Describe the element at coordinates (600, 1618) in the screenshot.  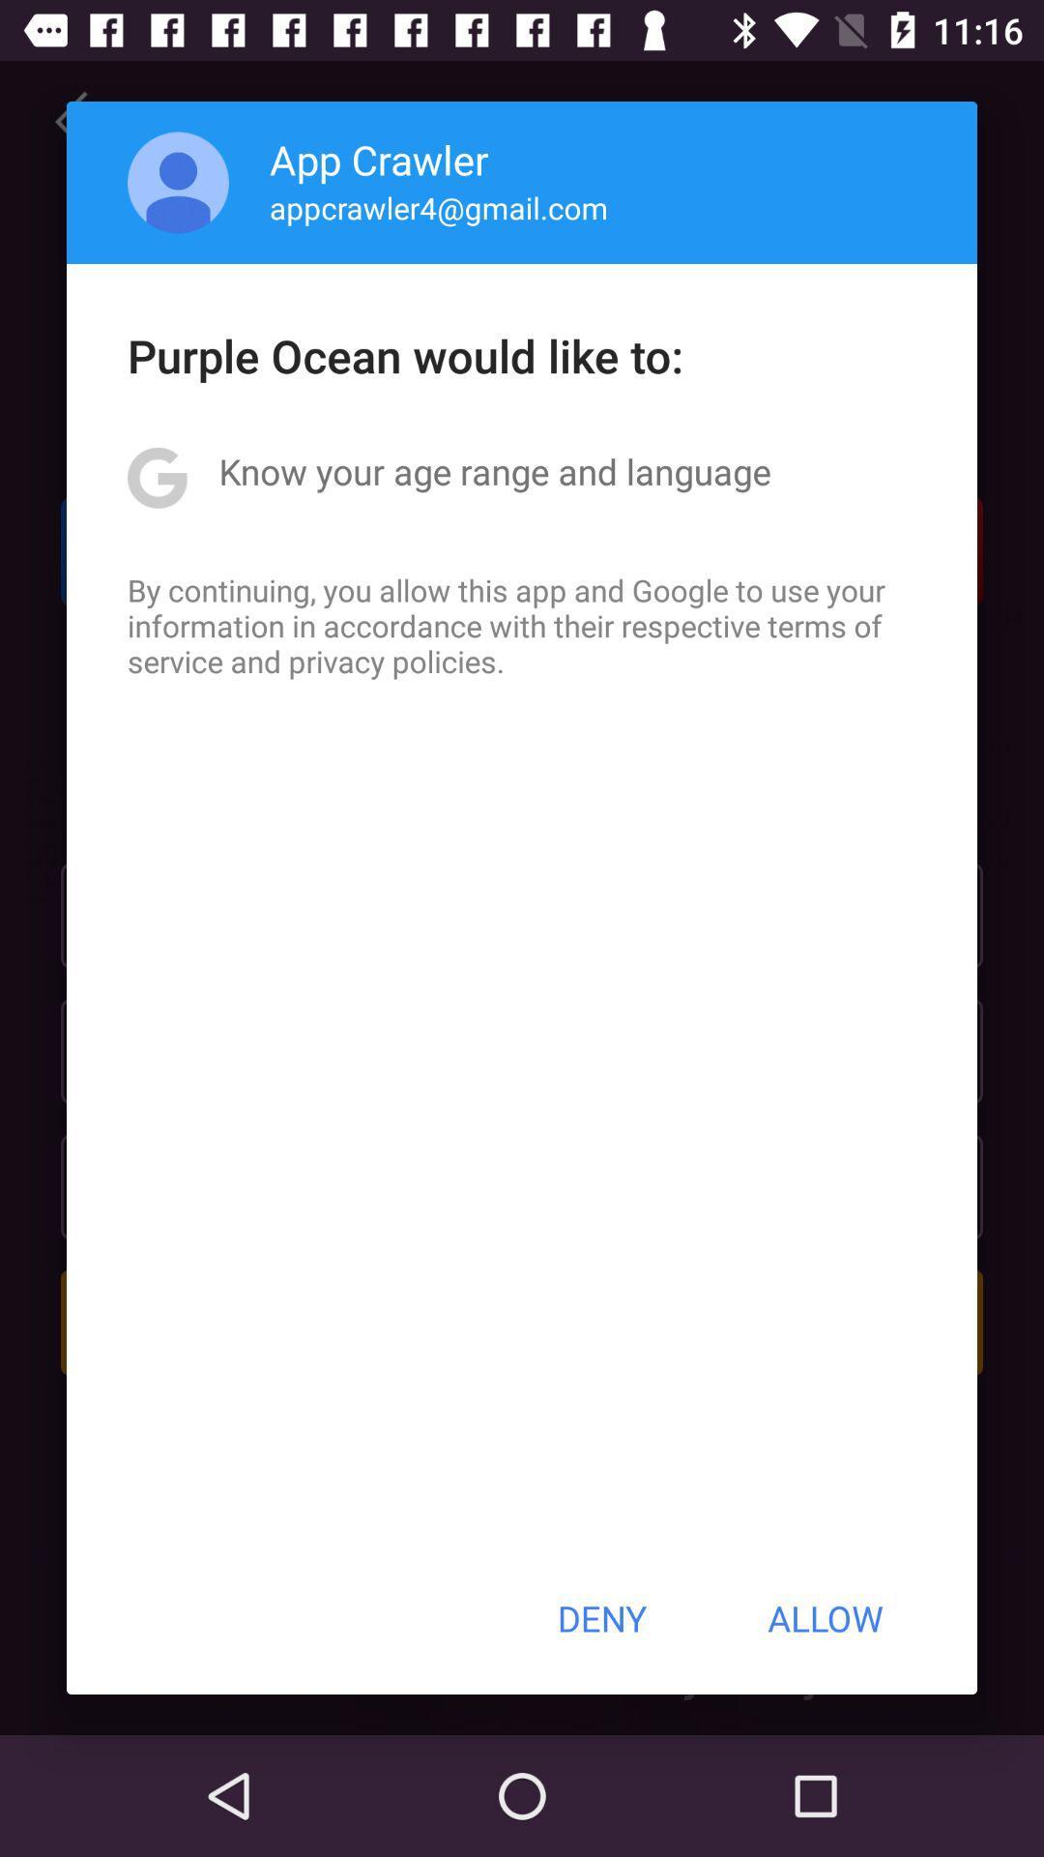
I see `deny item` at that location.